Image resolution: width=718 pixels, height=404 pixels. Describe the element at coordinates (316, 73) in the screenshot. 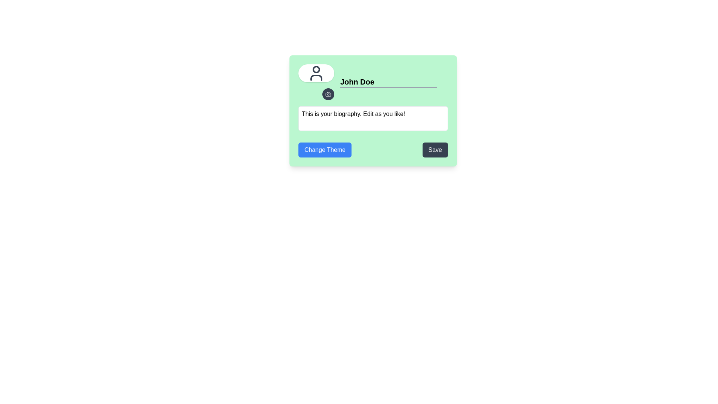

I see `the circular profile icon placeholder, which has a gray stroke and is located at the top-left corner of the green section for user information and editing tools, to initiate interaction` at that location.